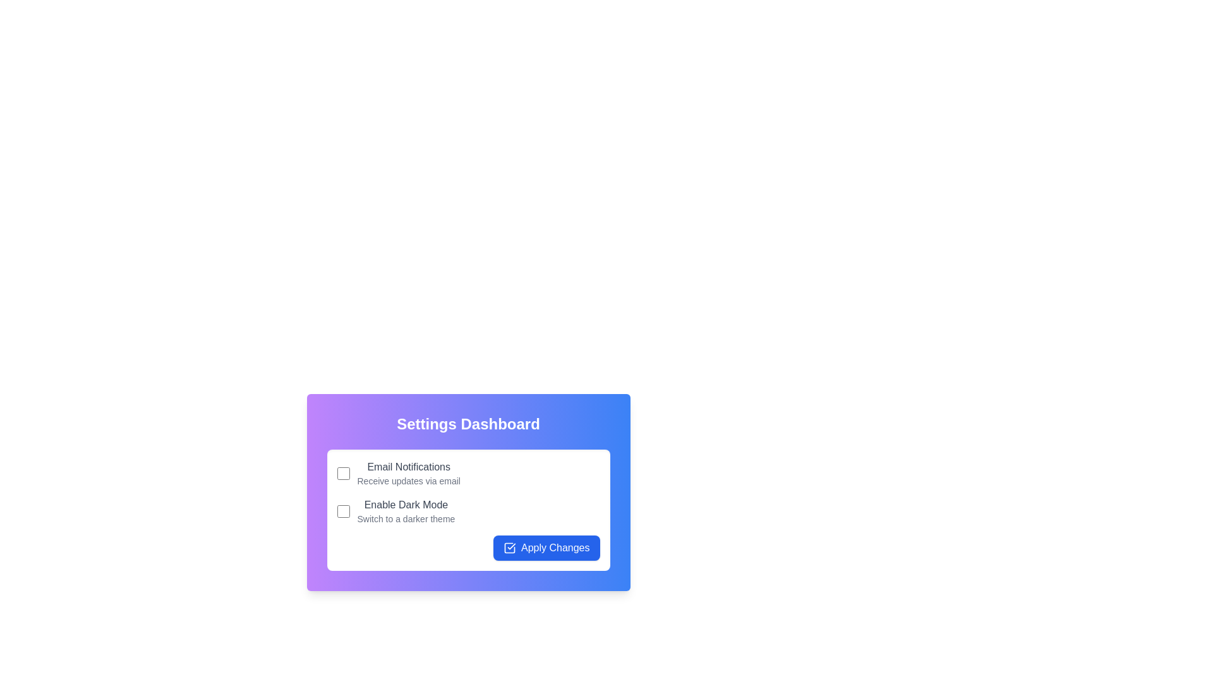 This screenshot has height=682, width=1213. What do you see at coordinates (409, 473) in the screenshot?
I see `the 'Email Notifications' label, which includes the heading styled with medium font weight and a subtitle in lighter gray font, located within the settings panel dialog` at bounding box center [409, 473].